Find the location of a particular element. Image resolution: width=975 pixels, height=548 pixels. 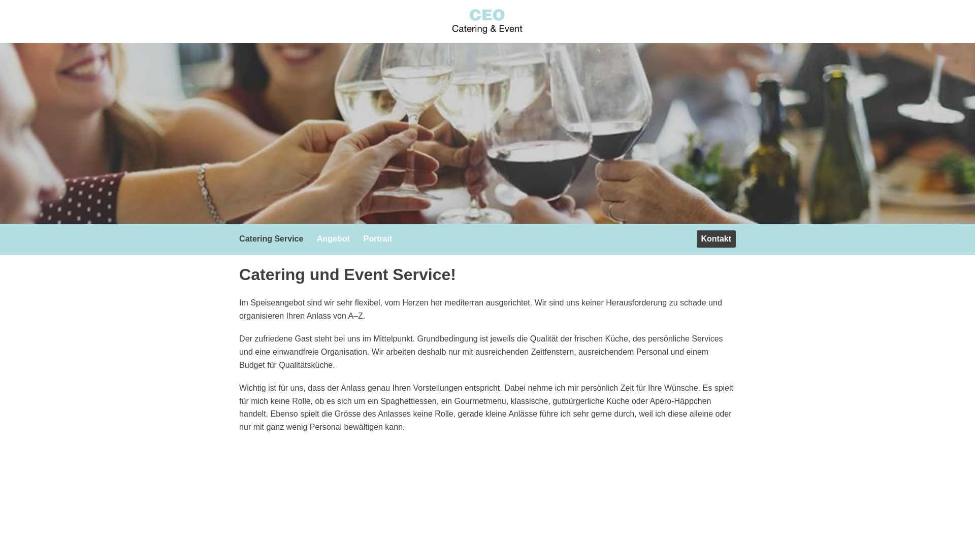

'Portrait' is located at coordinates (379, 238).